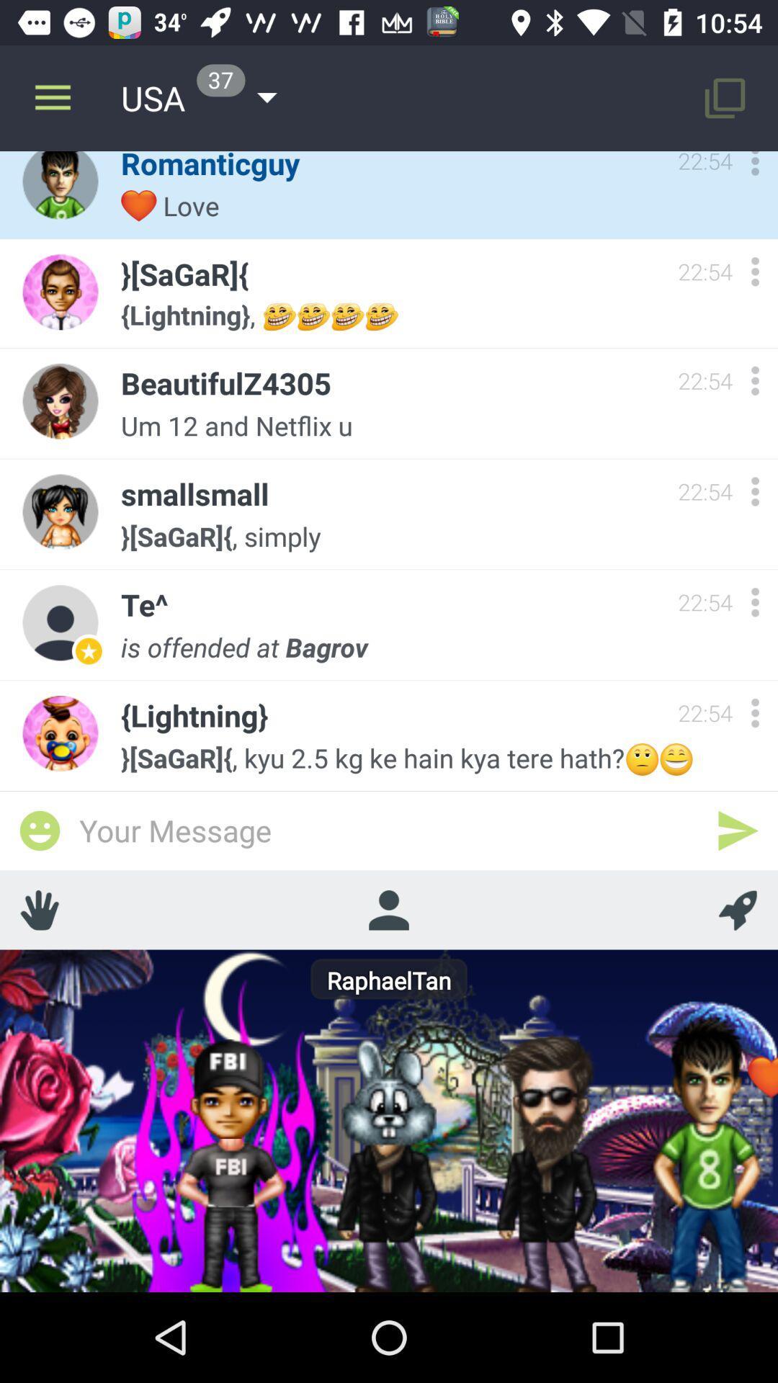 Image resolution: width=778 pixels, height=1383 pixels. What do you see at coordinates (389, 830) in the screenshot?
I see `message textbox` at bounding box center [389, 830].